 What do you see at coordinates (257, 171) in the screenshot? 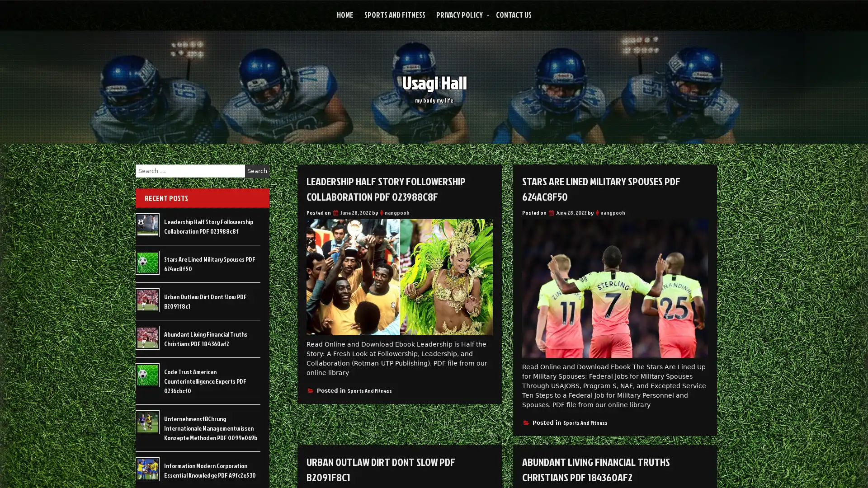
I see `Search` at bounding box center [257, 171].